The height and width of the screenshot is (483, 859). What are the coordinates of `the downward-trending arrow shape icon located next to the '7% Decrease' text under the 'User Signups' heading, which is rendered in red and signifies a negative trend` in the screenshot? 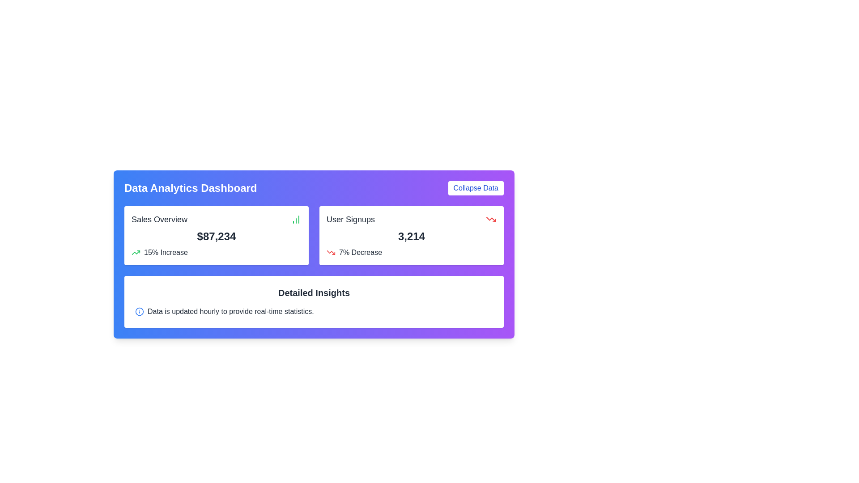 It's located at (491, 219).